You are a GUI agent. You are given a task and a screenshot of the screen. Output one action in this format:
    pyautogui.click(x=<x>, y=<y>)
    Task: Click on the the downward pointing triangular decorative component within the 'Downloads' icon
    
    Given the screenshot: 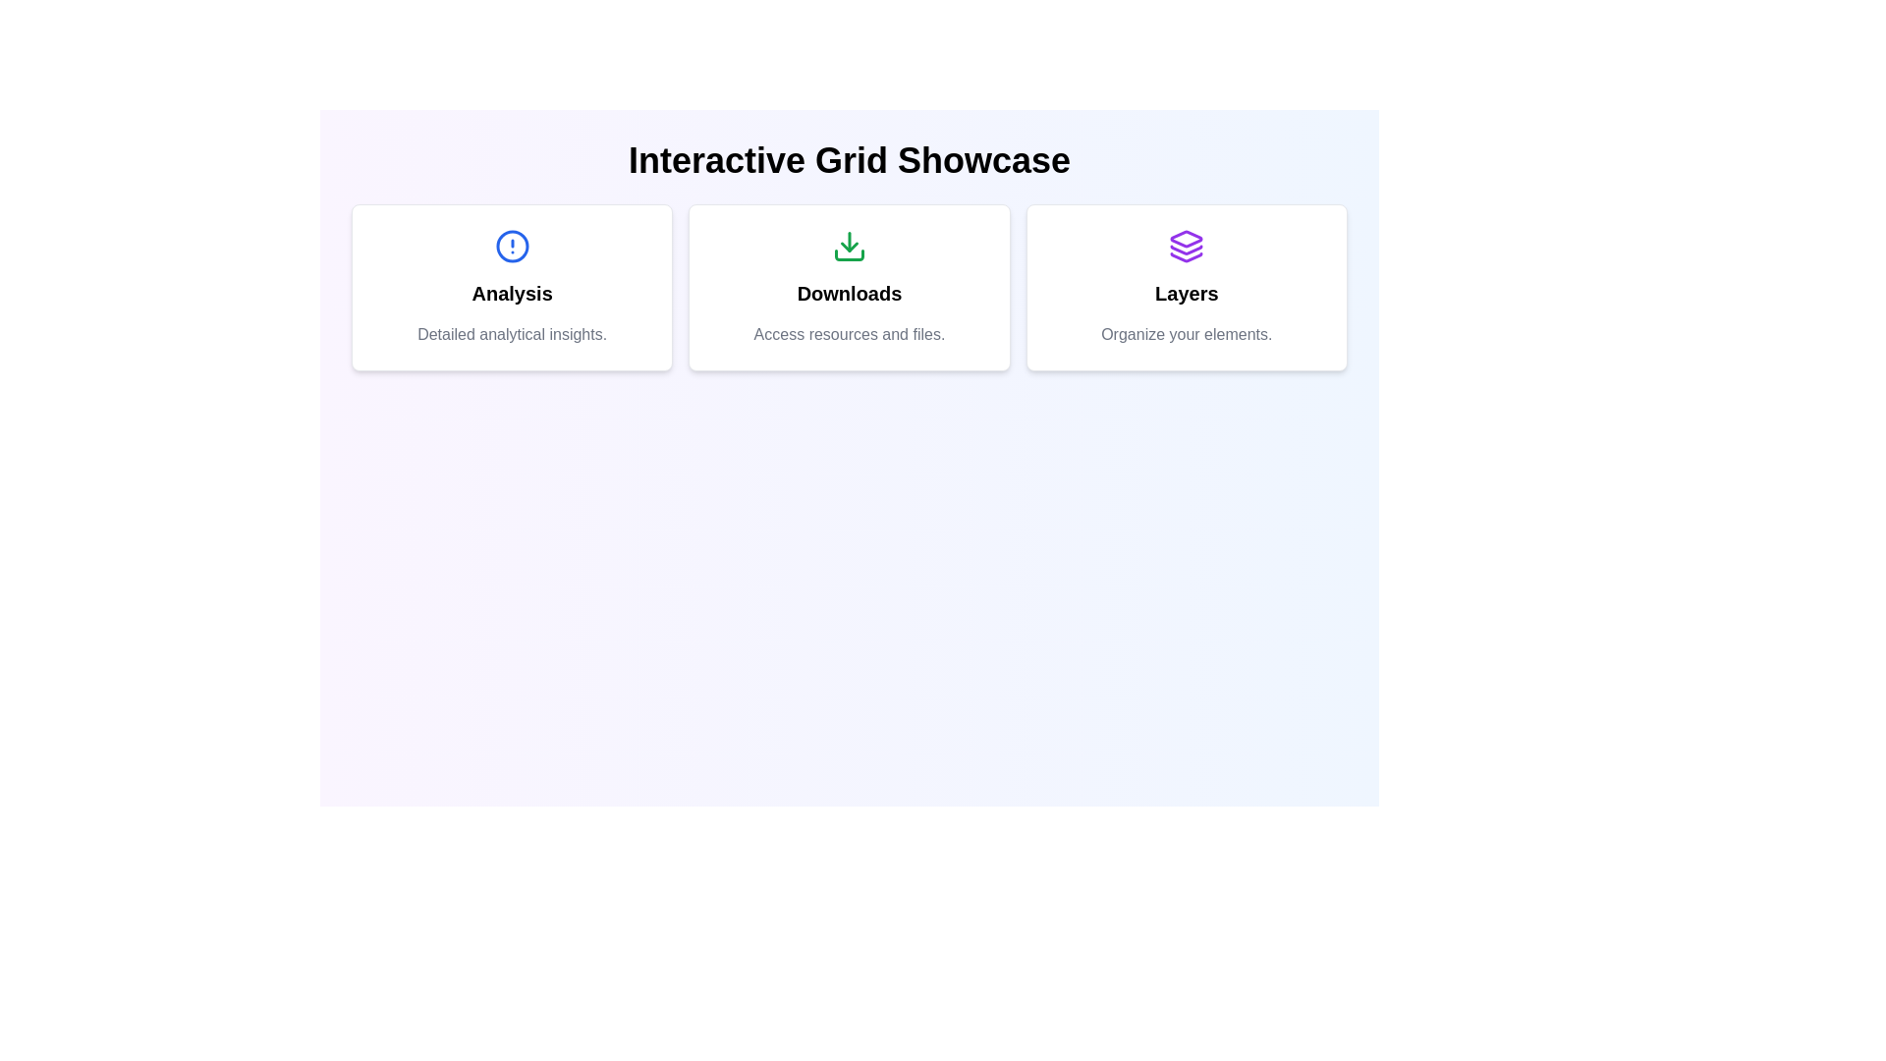 What is the action you would take?
    pyautogui.click(x=849, y=246)
    